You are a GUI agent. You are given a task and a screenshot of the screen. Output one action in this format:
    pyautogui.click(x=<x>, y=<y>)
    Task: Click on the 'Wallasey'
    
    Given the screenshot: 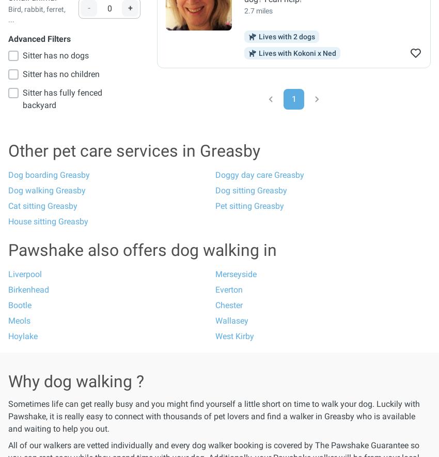 What is the action you would take?
    pyautogui.click(x=231, y=321)
    